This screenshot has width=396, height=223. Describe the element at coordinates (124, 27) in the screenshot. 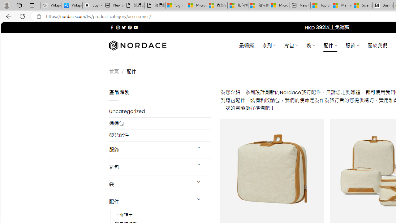

I see `'Follow on Twitter'` at that location.